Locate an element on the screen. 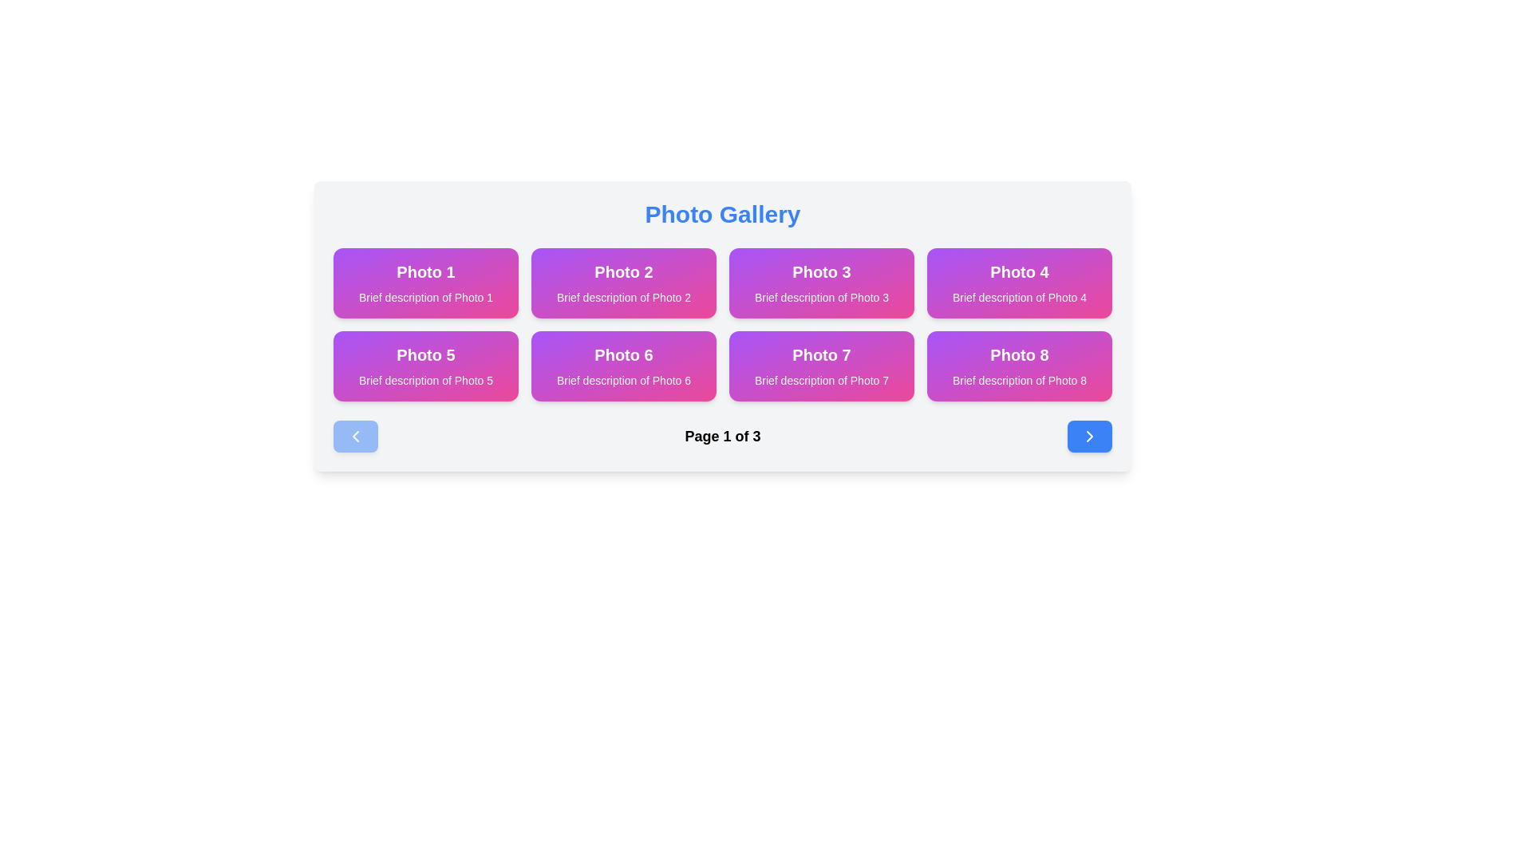  the header titled 'Photo Gallery', which is styled as large, bold, center-aligned blue text, positioned above a grid of photo cards is located at coordinates (722, 214).